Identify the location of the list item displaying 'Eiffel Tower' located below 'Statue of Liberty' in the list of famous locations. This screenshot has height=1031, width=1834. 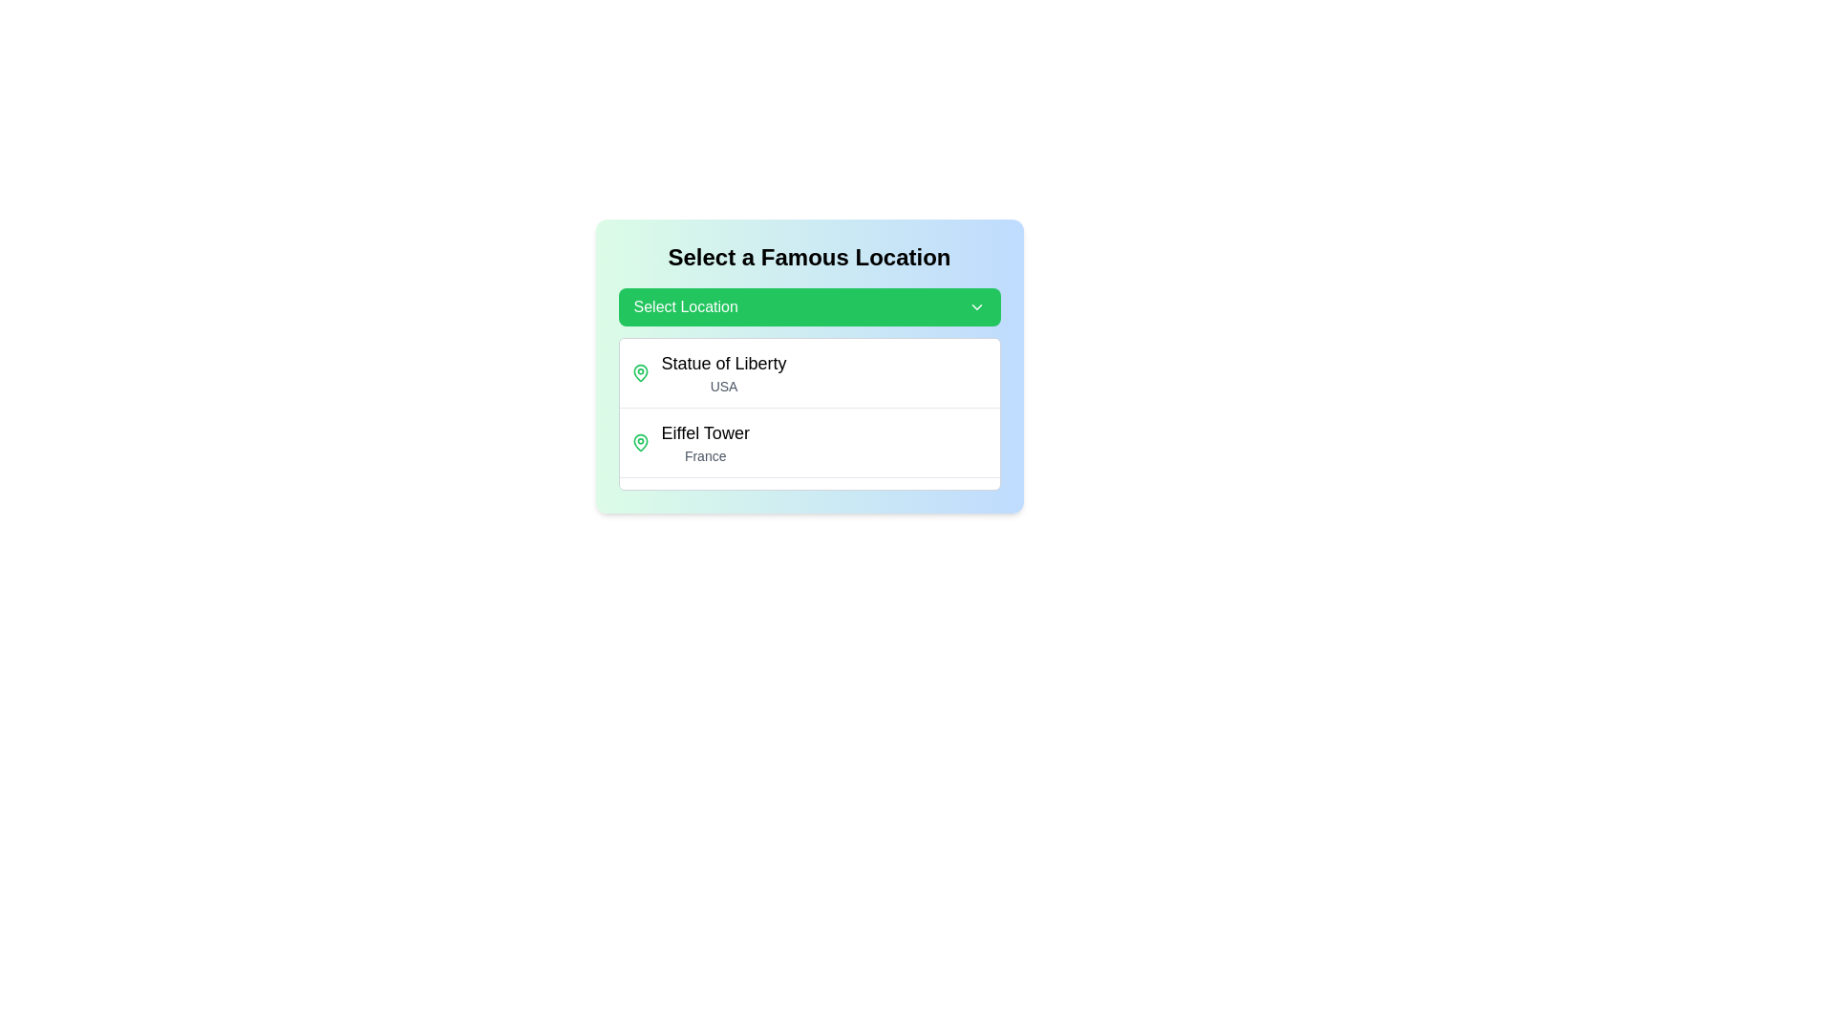
(704, 442).